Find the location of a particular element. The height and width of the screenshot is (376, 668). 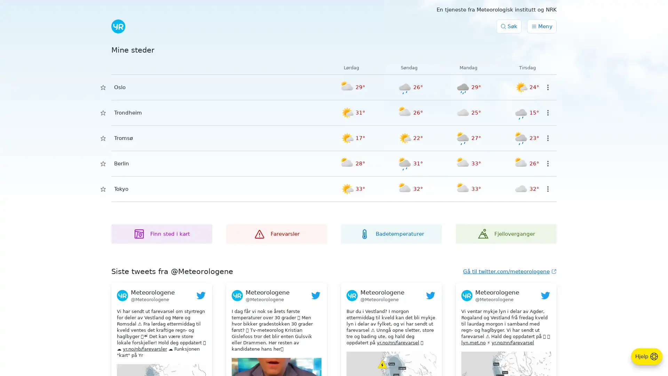

Lagre i Mine steder is located at coordinates (103, 189).